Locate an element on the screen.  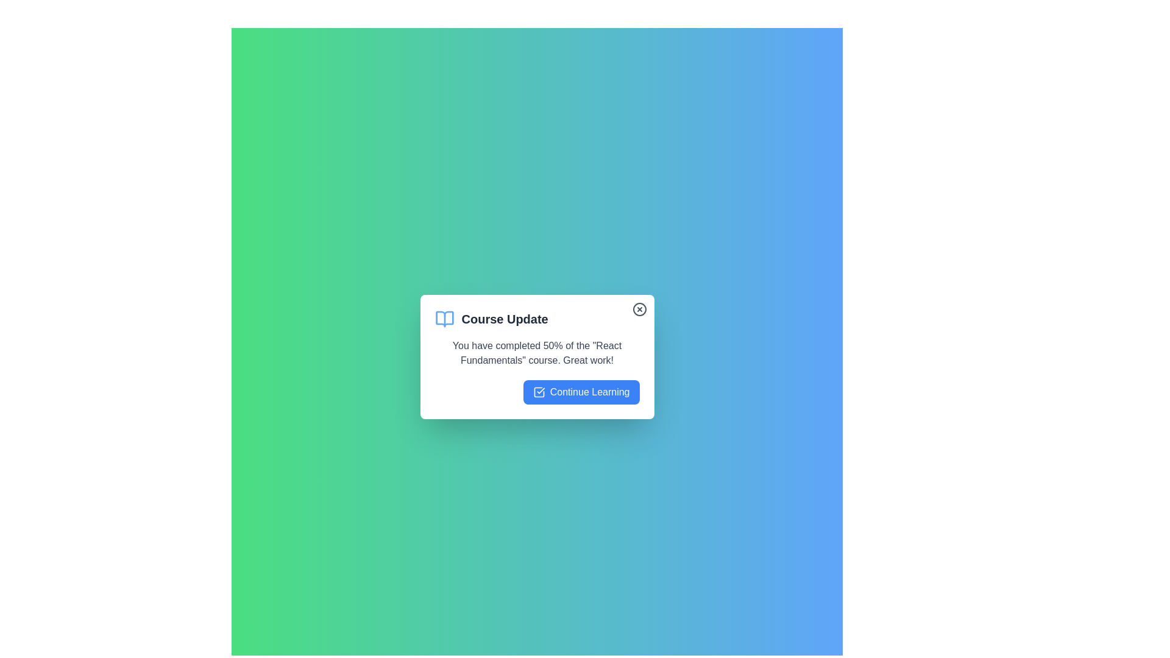
the 'Continue Learning' button with rounded corners and a blue background located at the bottom-right of the 'Course Update' dialog for accessibility navigation is located at coordinates (536, 392).